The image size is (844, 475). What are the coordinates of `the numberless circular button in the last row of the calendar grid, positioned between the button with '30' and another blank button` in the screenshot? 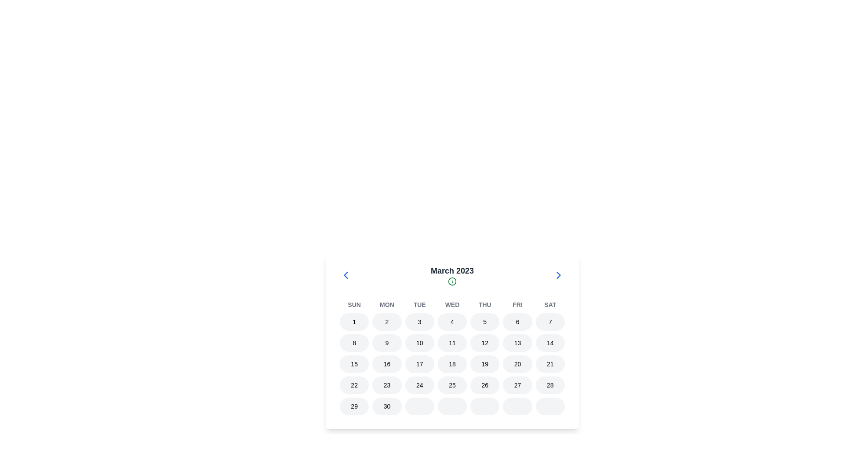 It's located at (452, 406).